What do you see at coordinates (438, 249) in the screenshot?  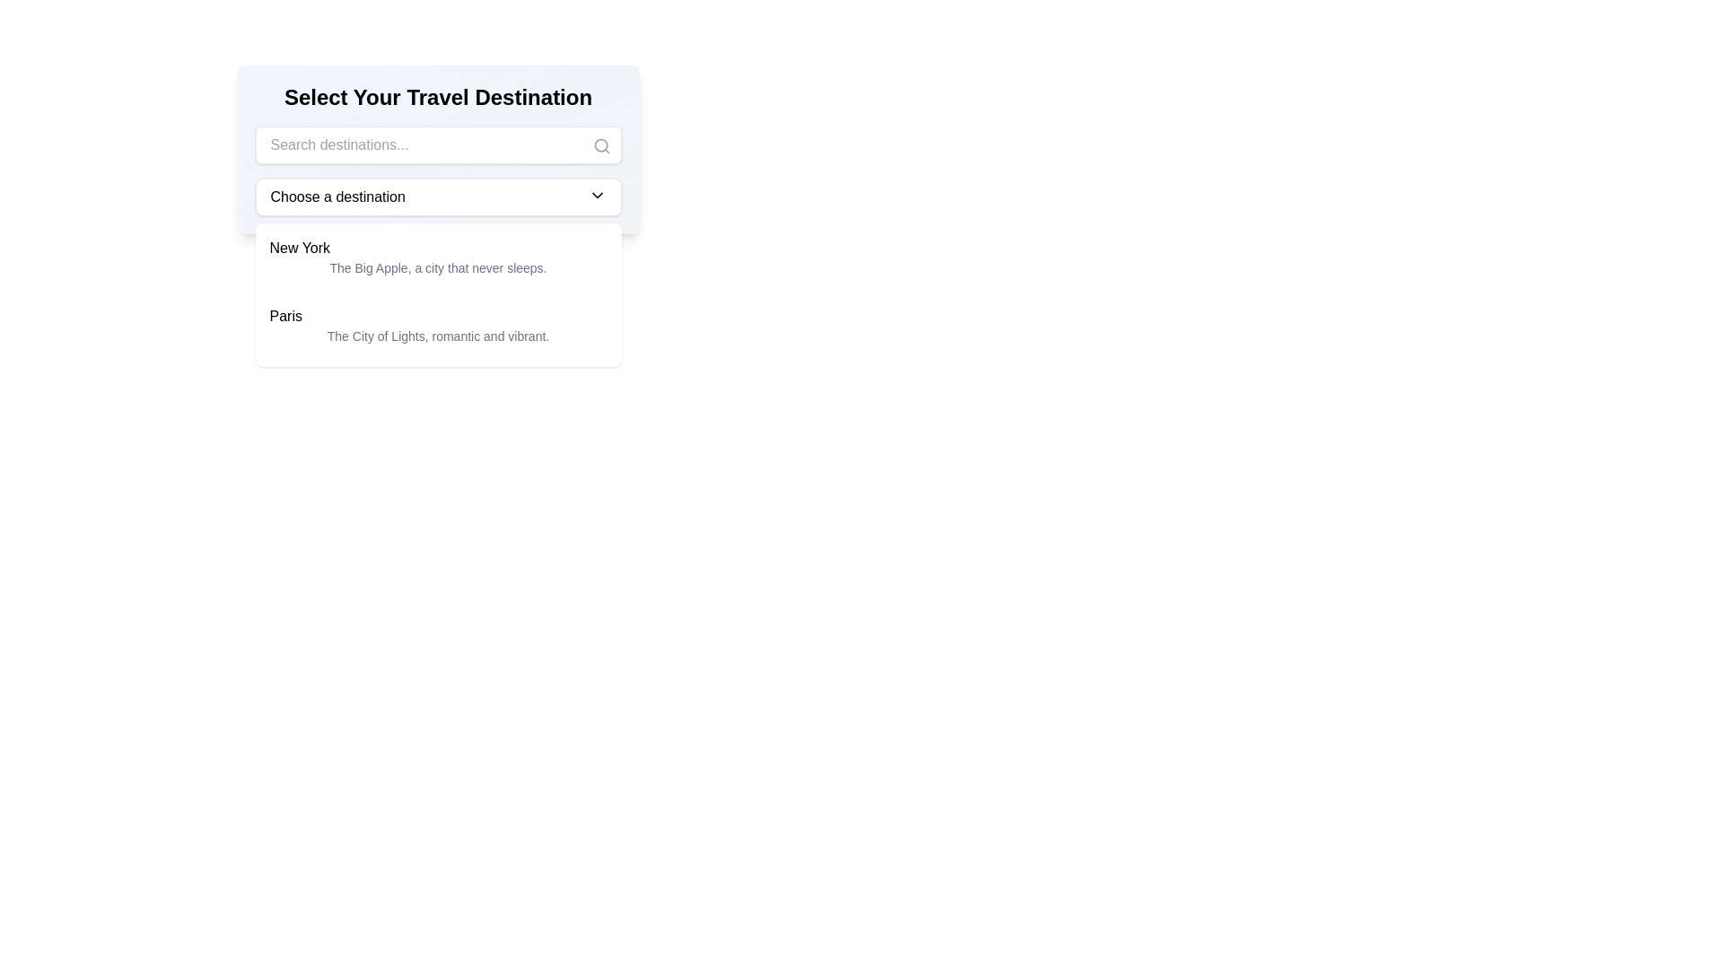 I see `the text label for 'The Big Apple'` at bounding box center [438, 249].